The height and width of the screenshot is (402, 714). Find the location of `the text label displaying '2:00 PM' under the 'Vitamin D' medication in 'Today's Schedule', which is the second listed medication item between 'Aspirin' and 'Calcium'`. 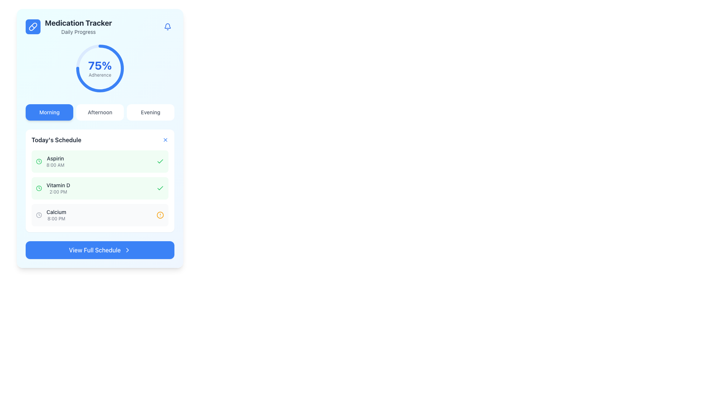

the text label displaying '2:00 PM' under the 'Vitamin D' medication in 'Today's Schedule', which is the second listed medication item between 'Aspirin' and 'Calcium' is located at coordinates (58, 188).